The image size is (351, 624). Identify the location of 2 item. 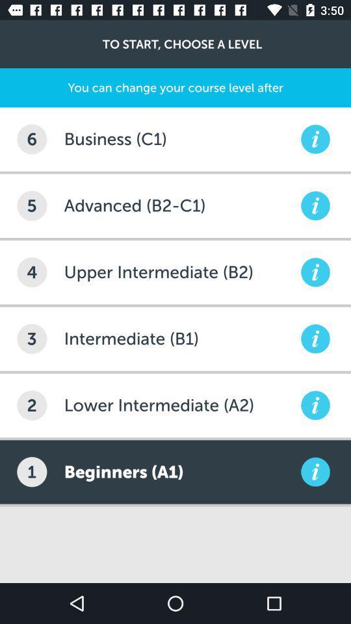
(32, 404).